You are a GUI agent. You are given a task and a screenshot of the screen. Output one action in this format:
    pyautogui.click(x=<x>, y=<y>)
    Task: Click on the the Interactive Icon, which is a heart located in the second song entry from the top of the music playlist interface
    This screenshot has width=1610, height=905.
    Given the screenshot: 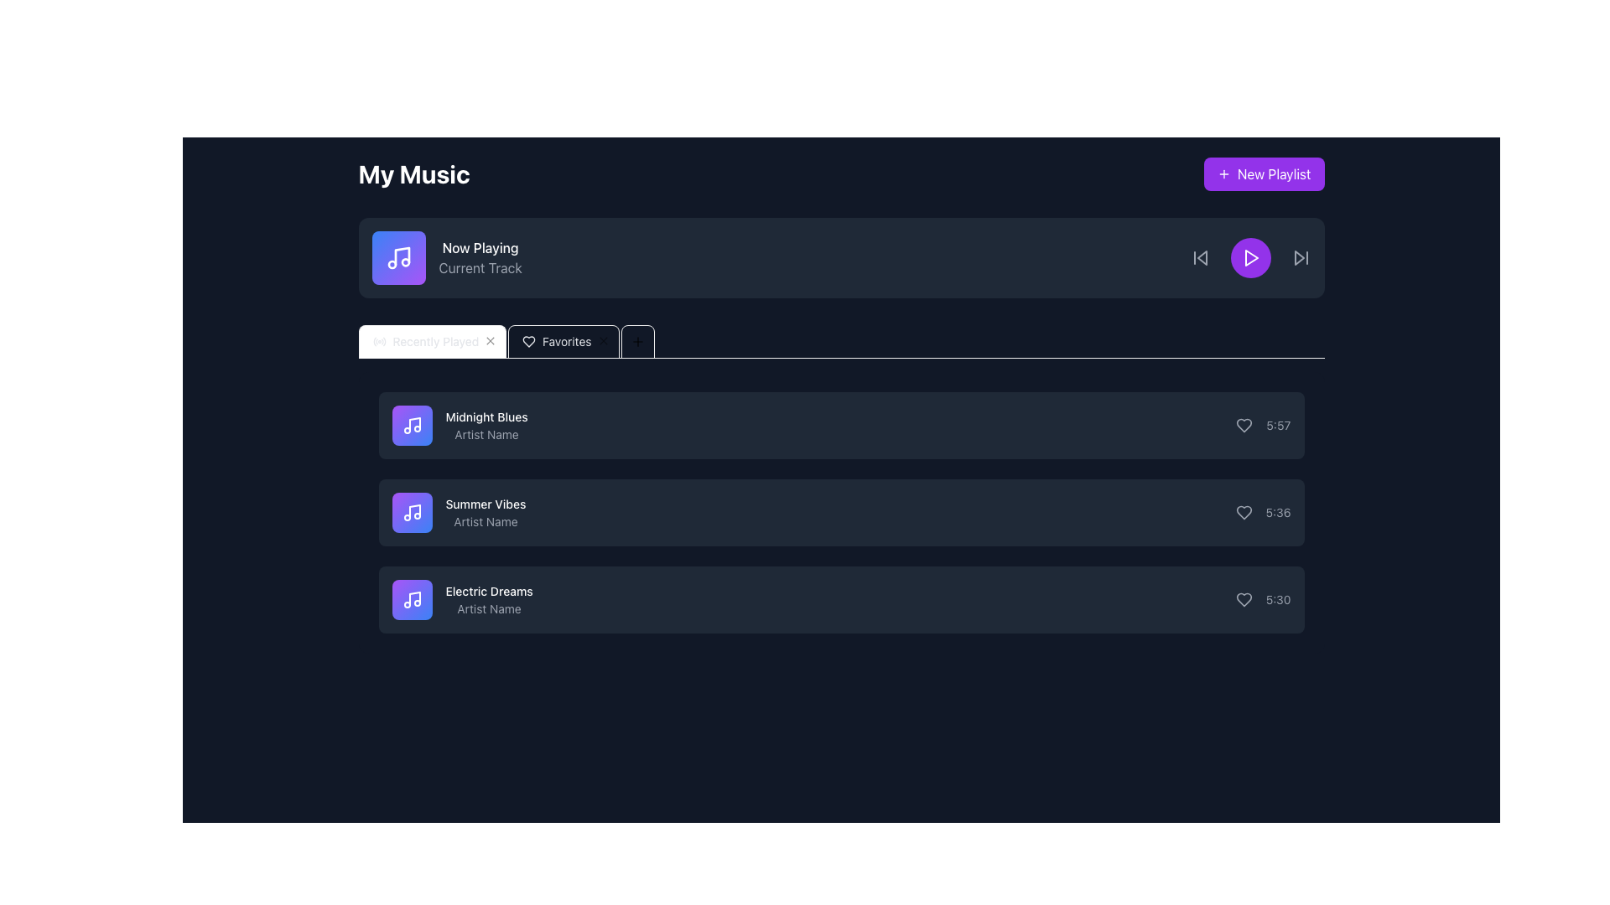 What is the action you would take?
    pyautogui.click(x=1244, y=512)
    